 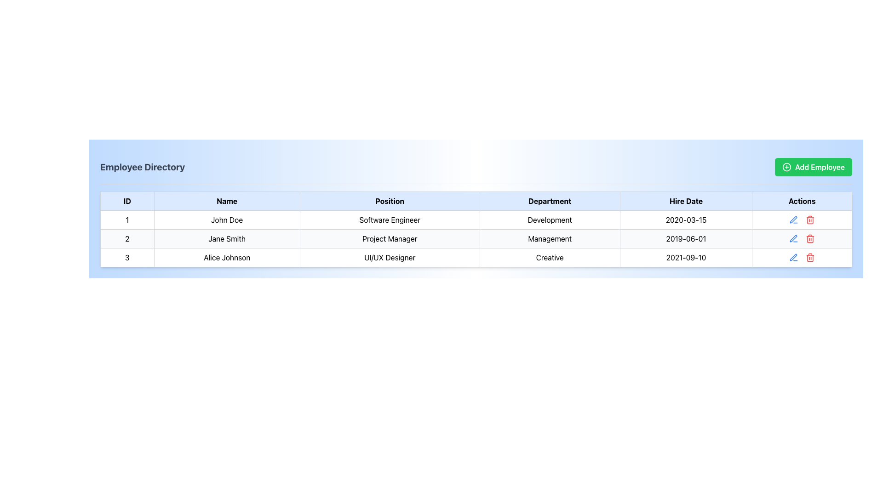 I want to click on the Text Label that serves as a header for the job or role column in the table, located between the 'Name' and 'Department' headers, so click(x=390, y=201).